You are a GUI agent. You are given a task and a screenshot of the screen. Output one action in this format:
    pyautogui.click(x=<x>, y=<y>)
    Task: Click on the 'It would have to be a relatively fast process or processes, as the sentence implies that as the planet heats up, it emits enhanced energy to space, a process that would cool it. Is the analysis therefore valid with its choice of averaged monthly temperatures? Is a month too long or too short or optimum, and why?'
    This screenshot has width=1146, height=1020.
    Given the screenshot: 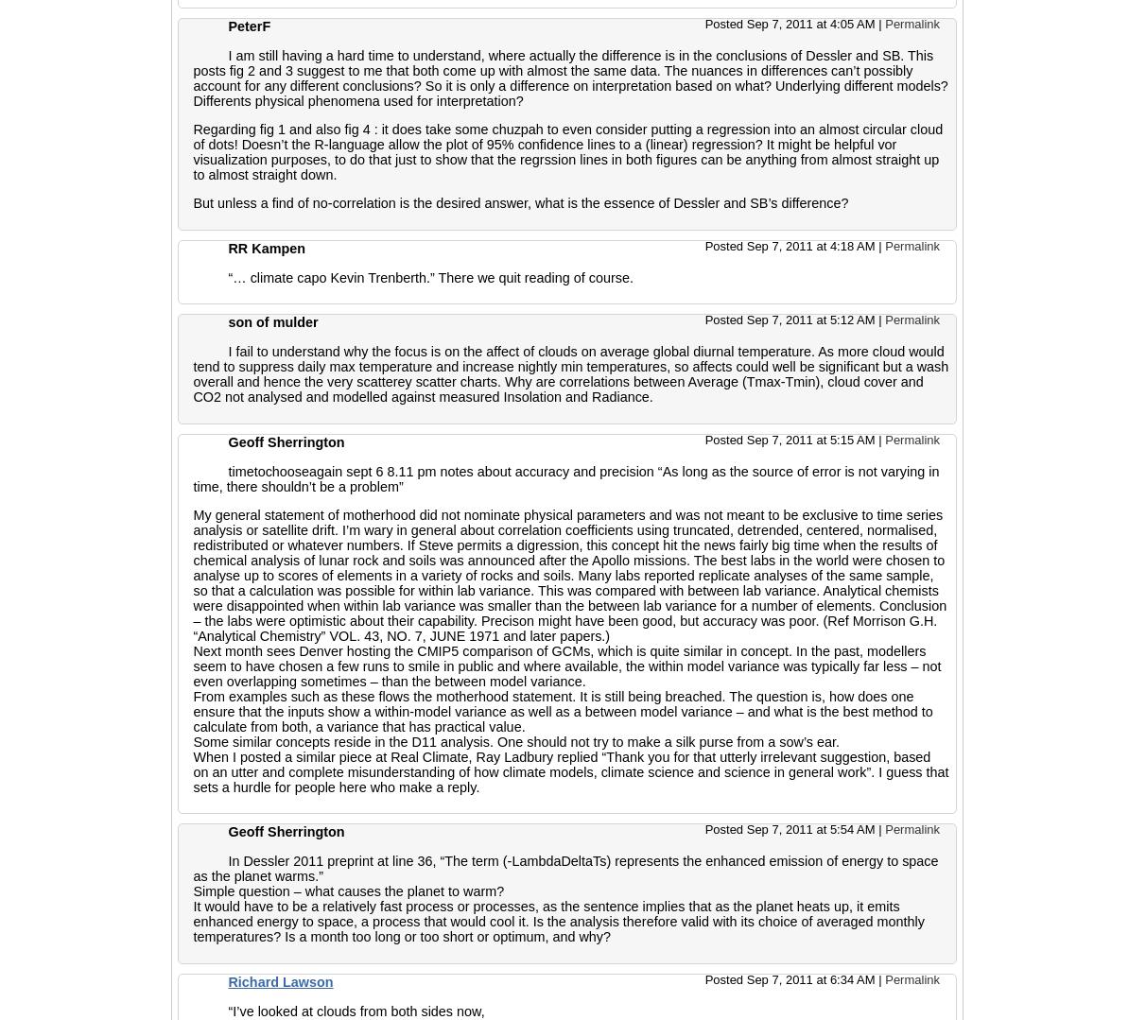 What is the action you would take?
    pyautogui.click(x=558, y=920)
    